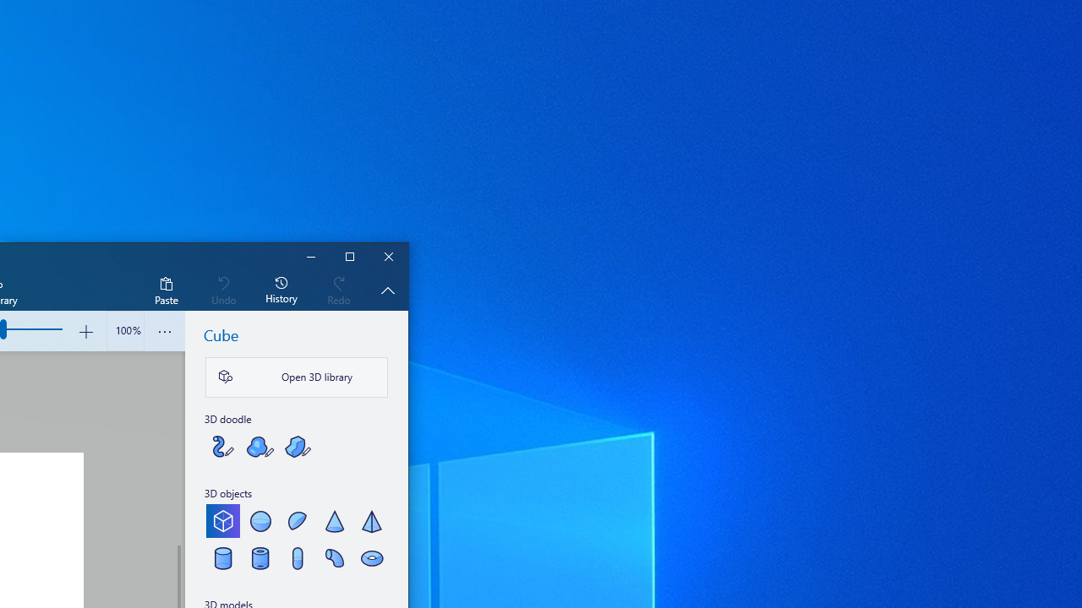 This screenshot has width=1082, height=608. Describe the element at coordinates (297, 377) in the screenshot. I see `'Open 3D library'` at that location.